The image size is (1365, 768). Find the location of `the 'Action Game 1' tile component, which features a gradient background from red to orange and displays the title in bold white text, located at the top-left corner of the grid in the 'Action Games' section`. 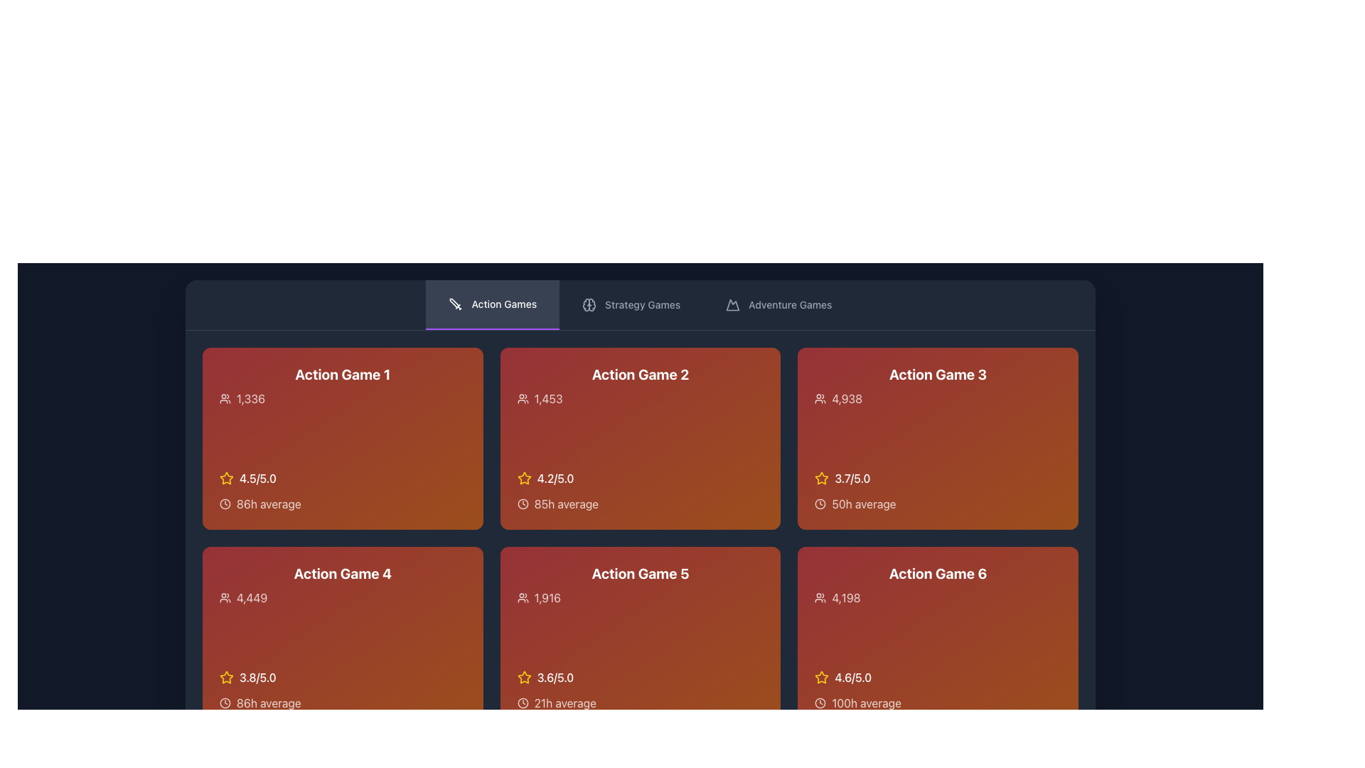

the 'Action Game 1' tile component, which features a gradient background from red to orange and displays the title in bold white text, located at the top-left corner of the grid in the 'Action Games' section is located at coordinates (343, 438).